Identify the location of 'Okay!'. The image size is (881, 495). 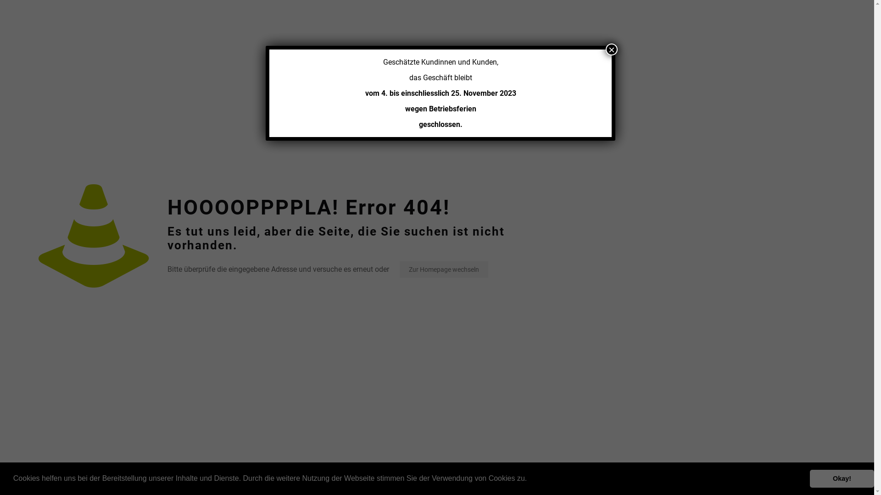
(842, 478).